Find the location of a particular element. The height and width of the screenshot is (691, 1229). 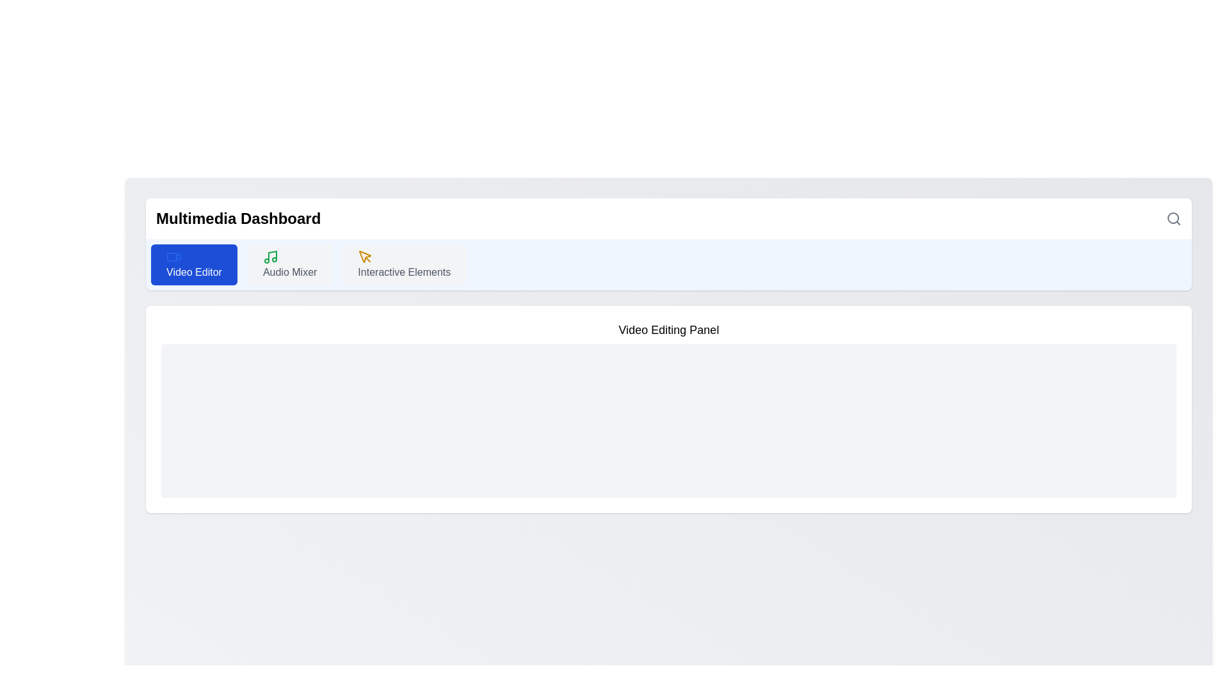

the 'Audio Mixer' button, which has a light gray background, dark gray text, and a green music note icon is located at coordinates (289, 264).